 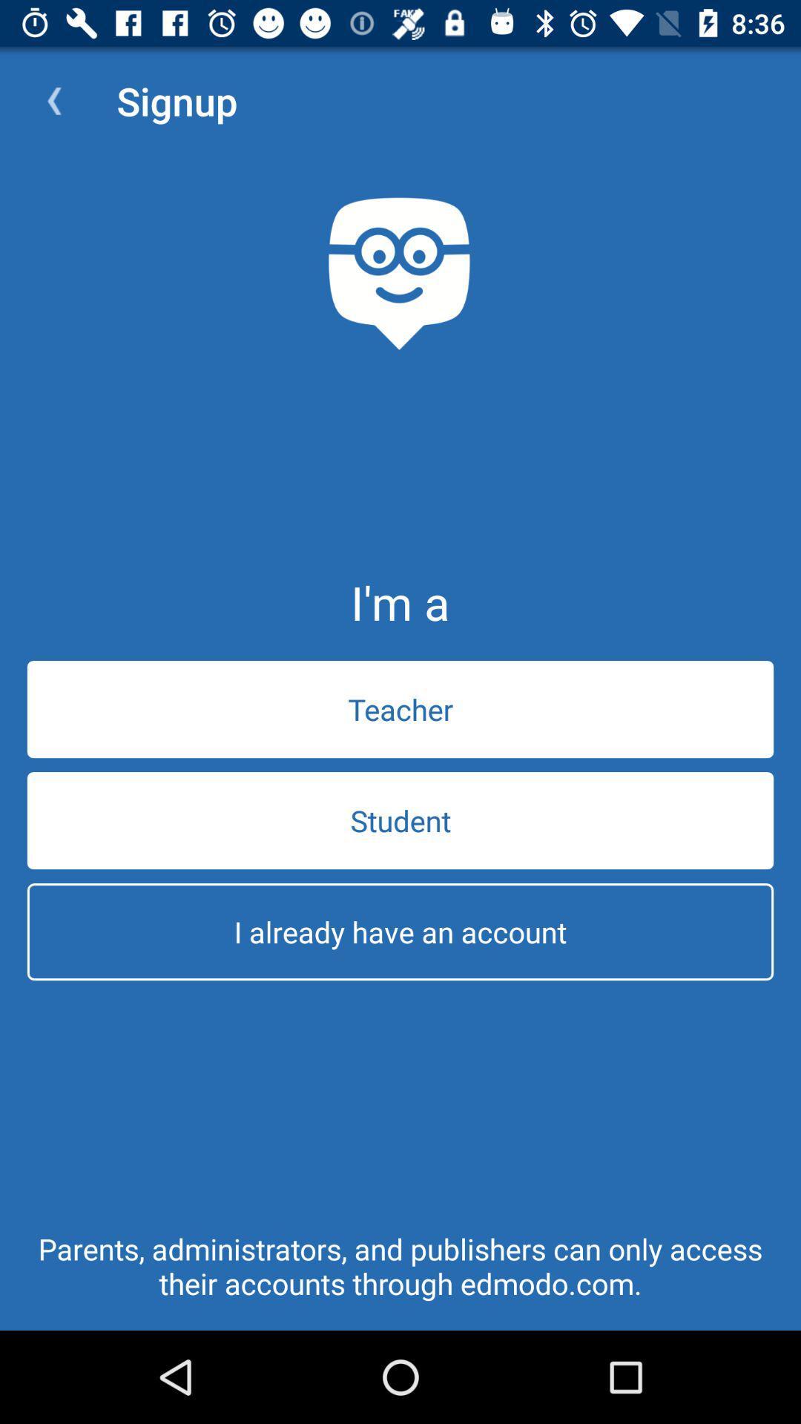 What do you see at coordinates (400, 931) in the screenshot?
I see `the i already have icon` at bounding box center [400, 931].